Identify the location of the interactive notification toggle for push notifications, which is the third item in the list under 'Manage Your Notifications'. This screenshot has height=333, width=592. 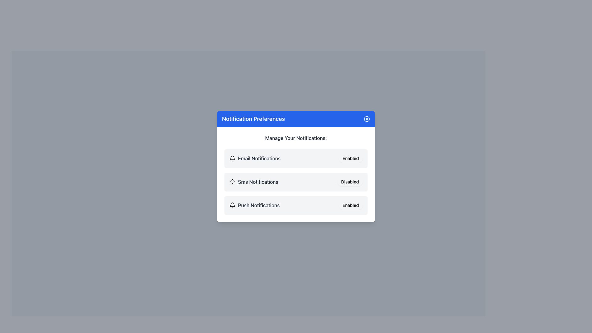
(296, 205).